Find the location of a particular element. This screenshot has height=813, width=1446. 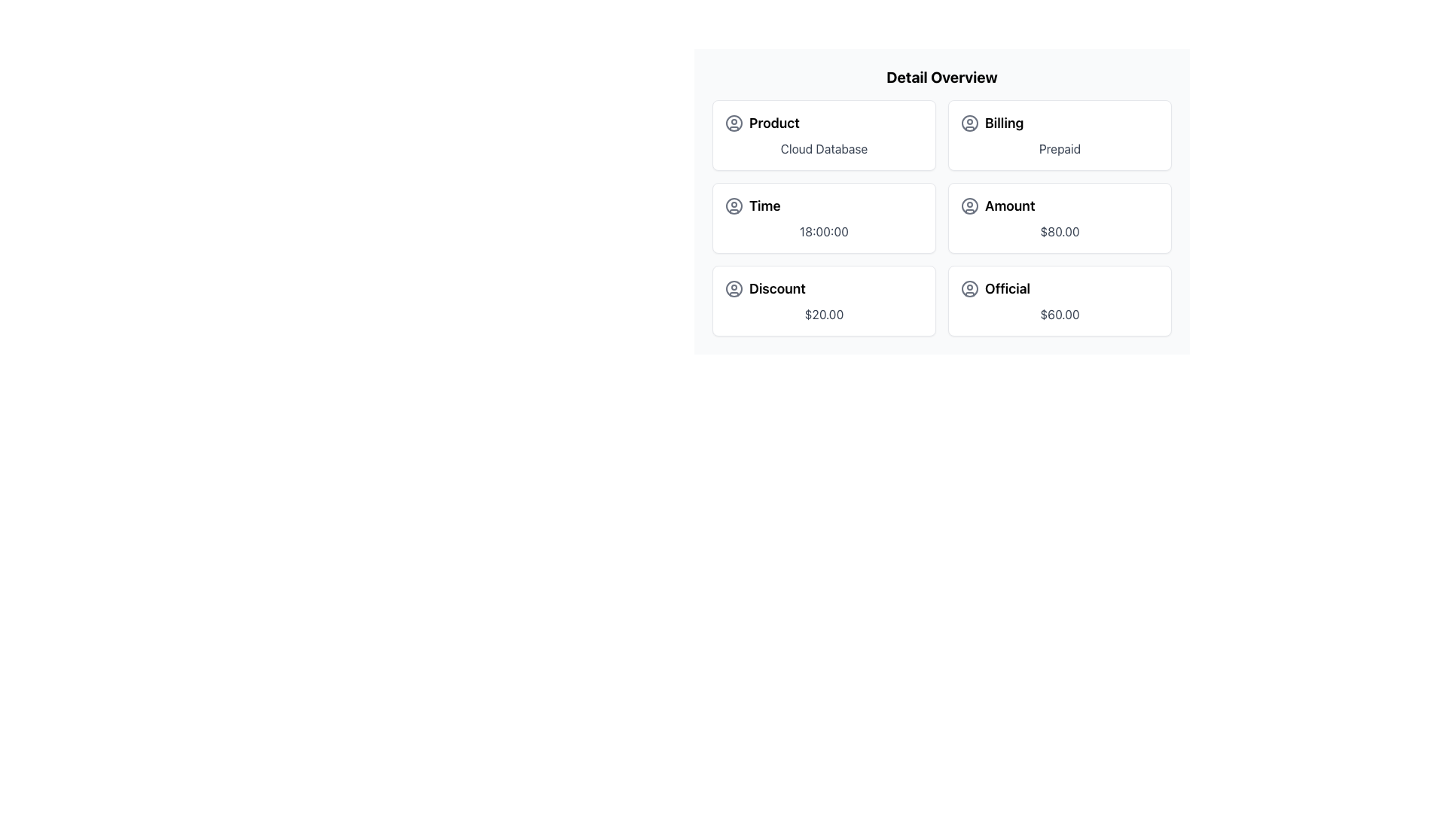

the user profile icon, which is a circular graphical icon with a head and shoulders silhouette, located to the left of the text 'Time' is located at coordinates (734, 206).